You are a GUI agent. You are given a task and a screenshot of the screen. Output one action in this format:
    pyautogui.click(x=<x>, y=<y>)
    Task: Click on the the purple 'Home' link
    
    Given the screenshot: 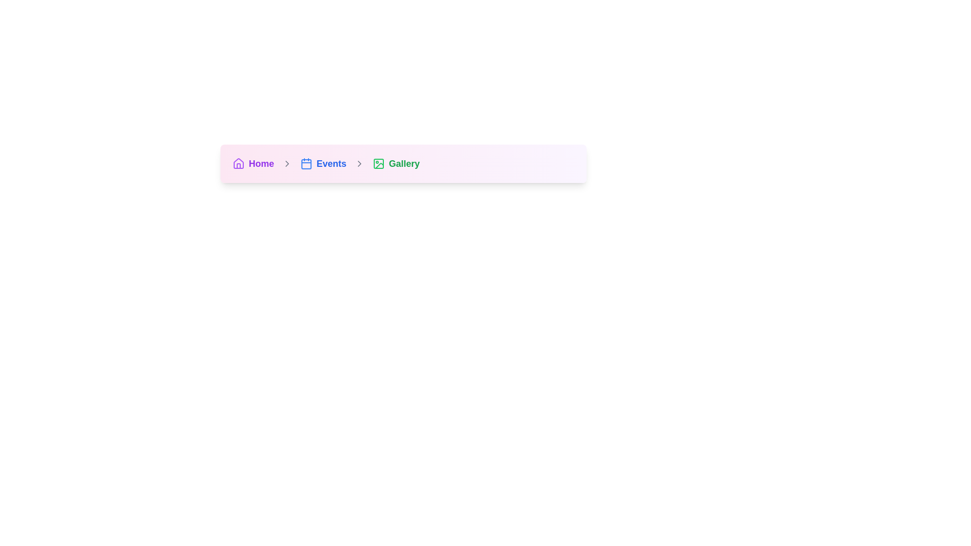 What is the action you would take?
    pyautogui.click(x=261, y=163)
    